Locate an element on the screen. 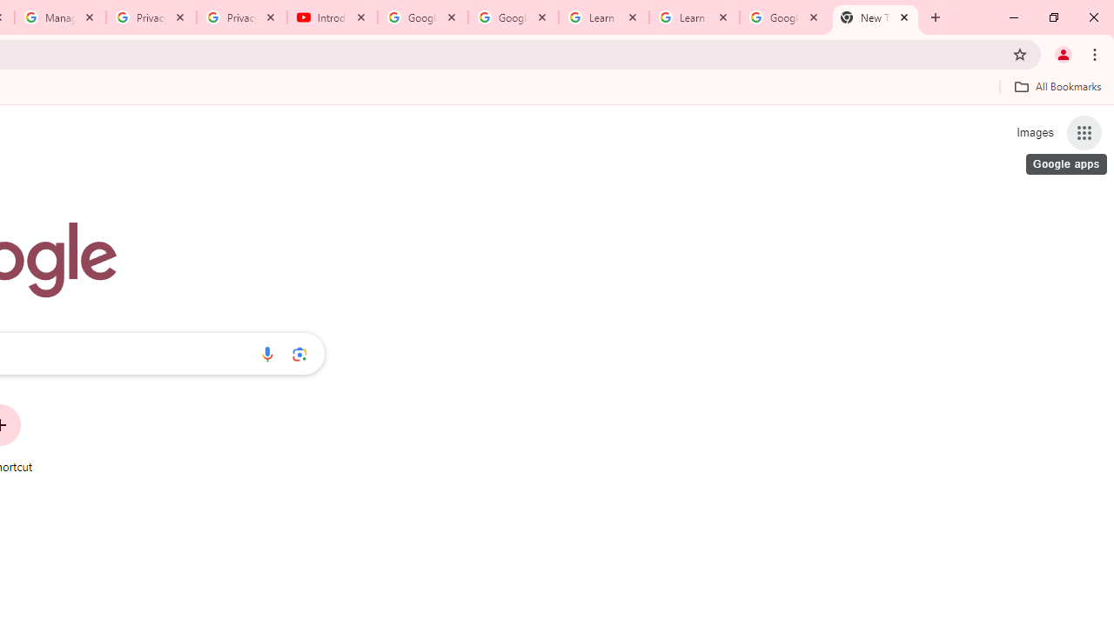  'Google Account' is located at coordinates (783, 17).